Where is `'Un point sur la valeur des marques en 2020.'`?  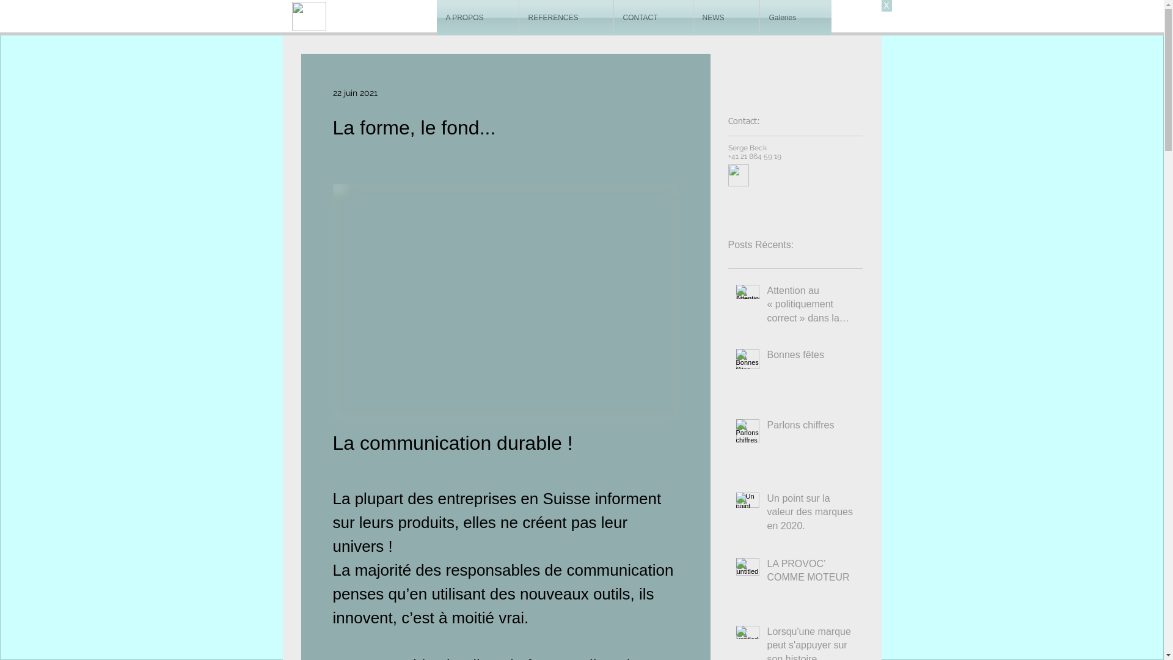 'Un point sur la valeur des marques en 2020.' is located at coordinates (767, 515).